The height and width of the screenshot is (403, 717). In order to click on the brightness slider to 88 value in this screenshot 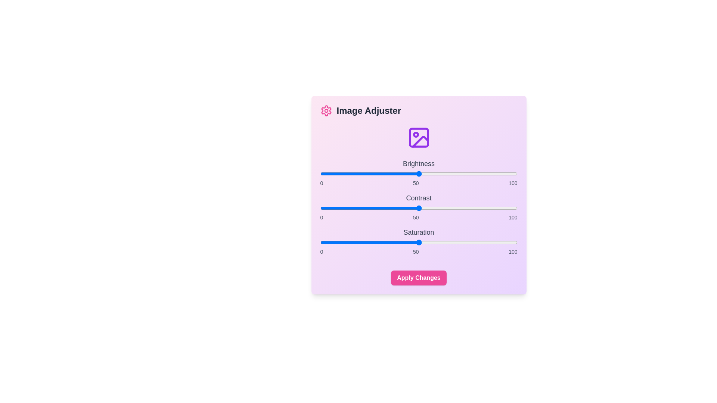, I will do `click(494, 174)`.